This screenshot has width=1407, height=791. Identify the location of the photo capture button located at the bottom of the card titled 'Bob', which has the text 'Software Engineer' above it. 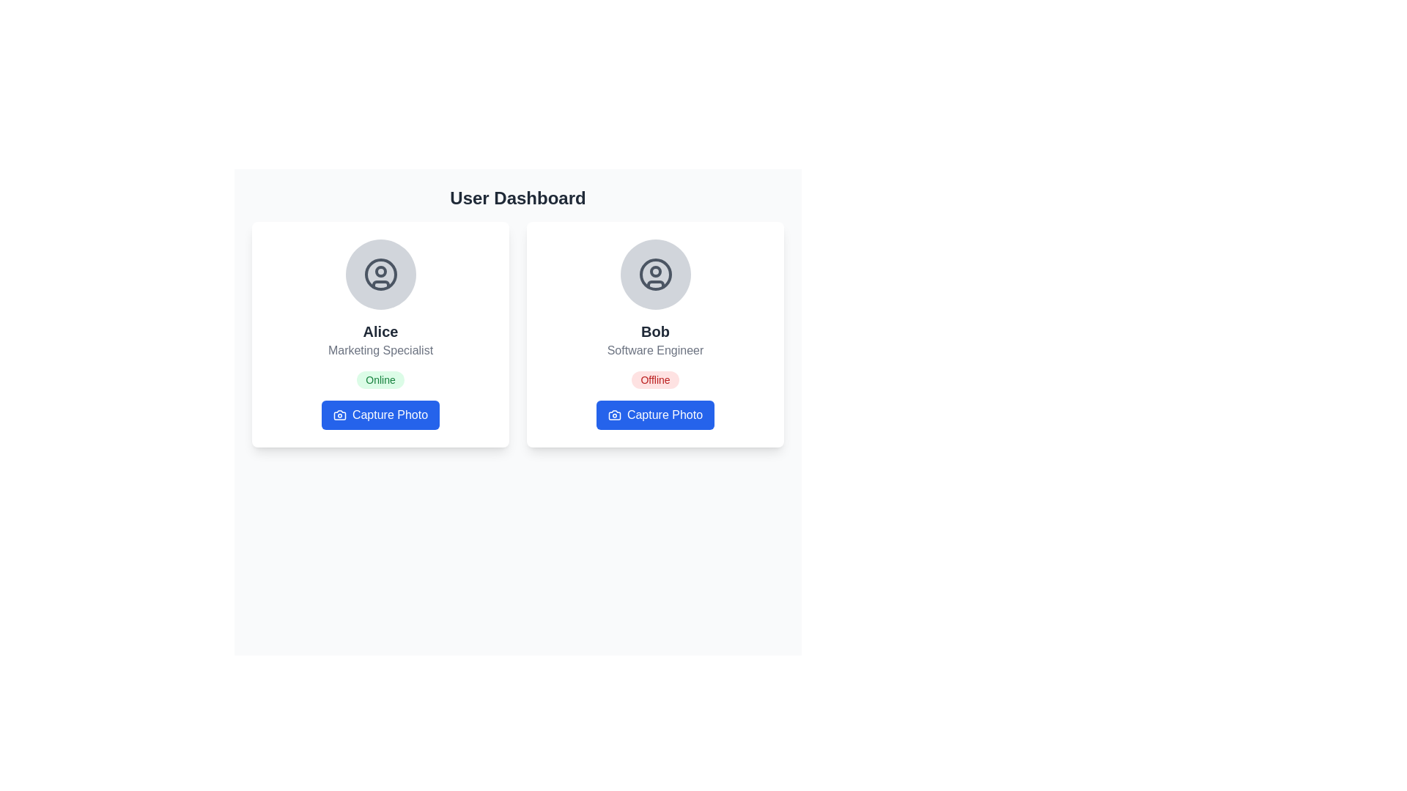
(654, 415).